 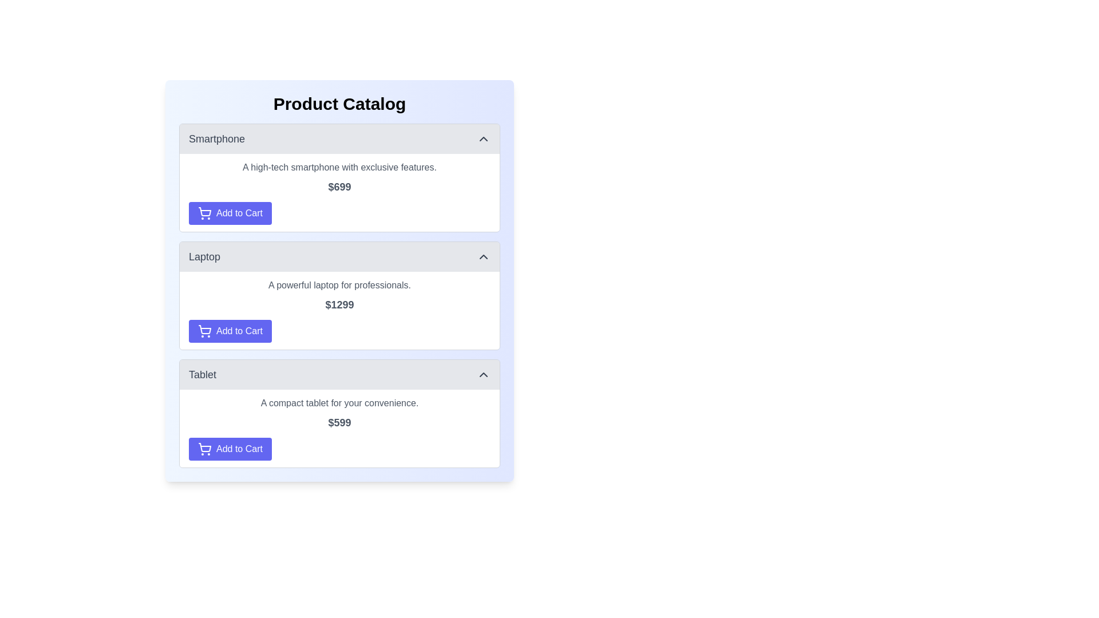 What do you see at coordinates (483, 256) in the screenshot?
I see `the upward-pointing chevron icon within the 'Laptop' section` at bounding box center [483, 256].